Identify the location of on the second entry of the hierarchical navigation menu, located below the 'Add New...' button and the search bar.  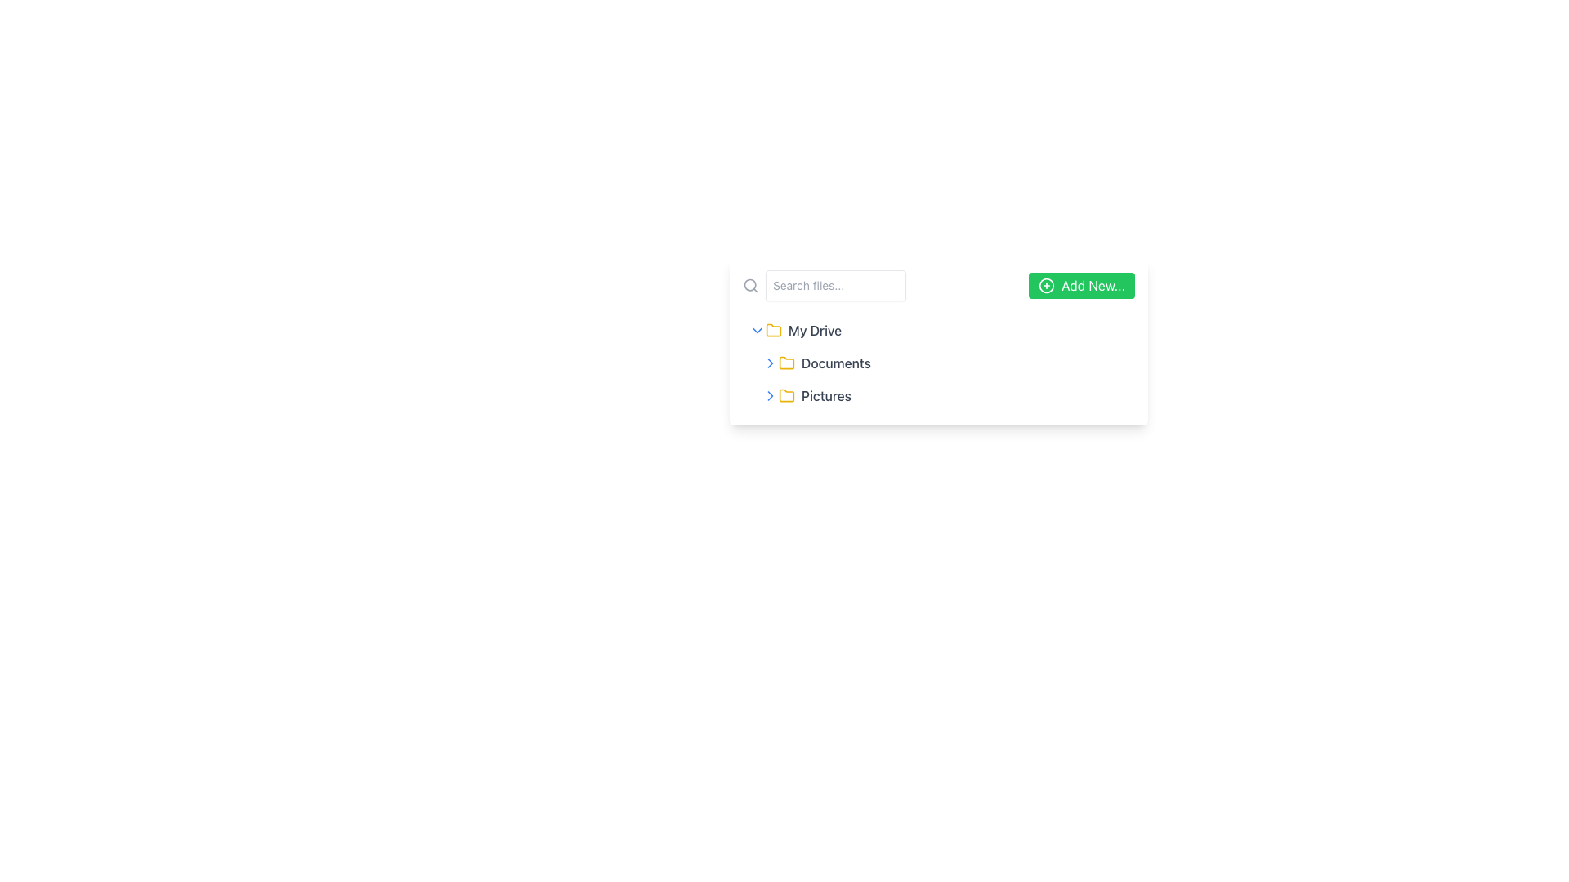
(938, 362).